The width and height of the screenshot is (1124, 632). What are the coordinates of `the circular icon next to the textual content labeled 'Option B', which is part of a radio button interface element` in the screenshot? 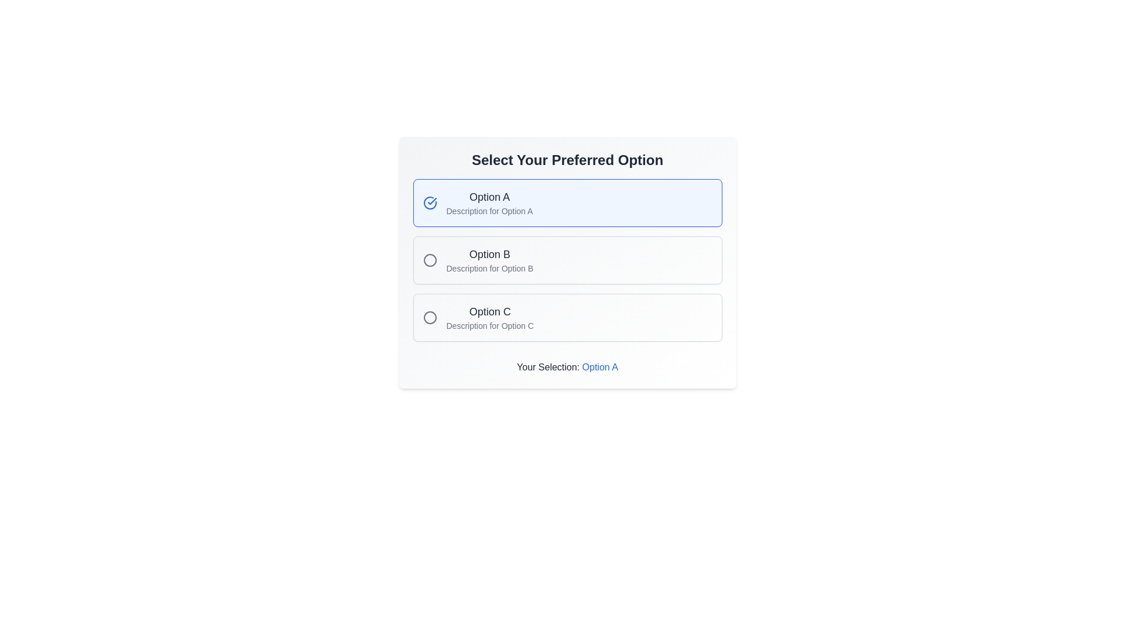 It's located at (429, 259).